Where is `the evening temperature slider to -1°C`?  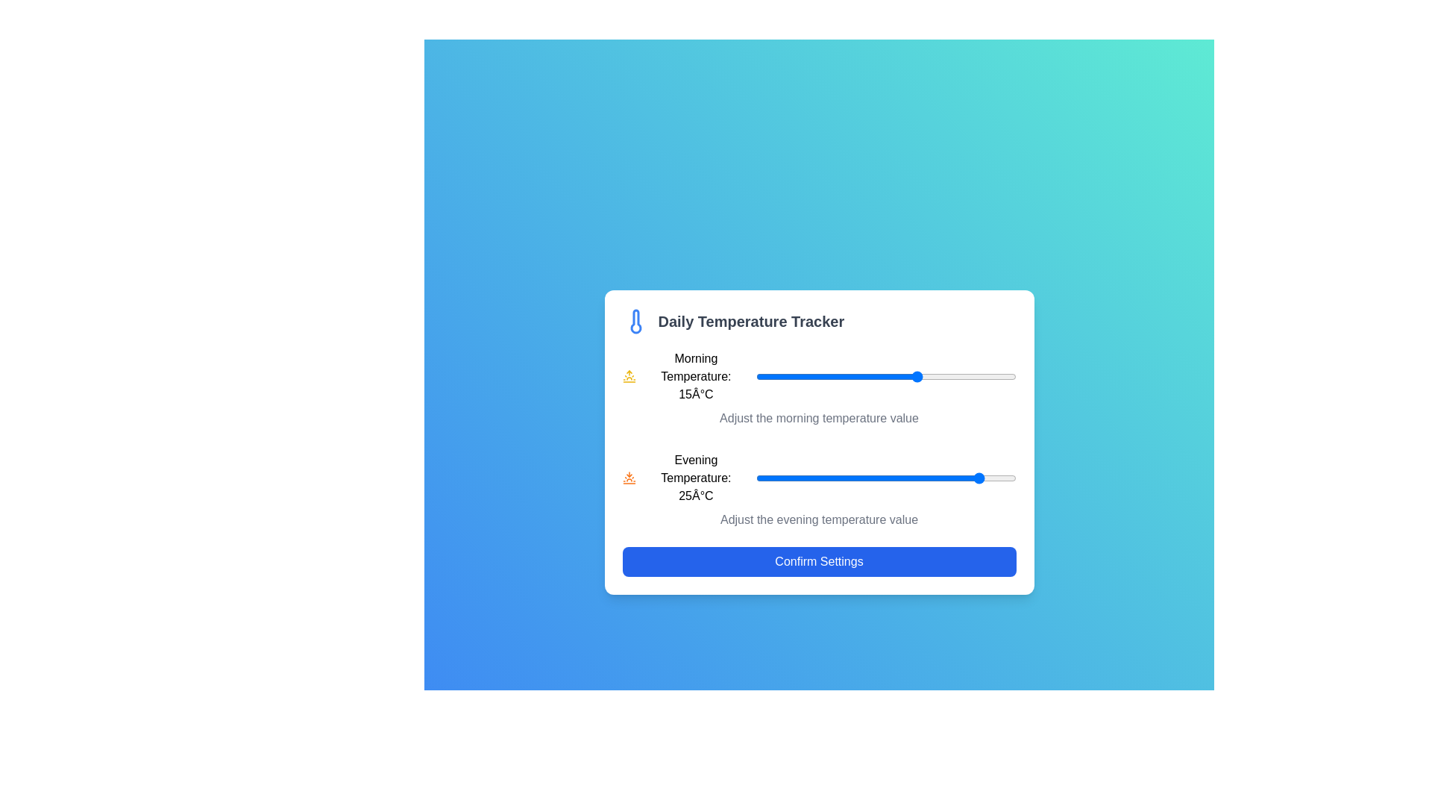
the evening temperature slider to -1°C is located at coordinates (814, 478).